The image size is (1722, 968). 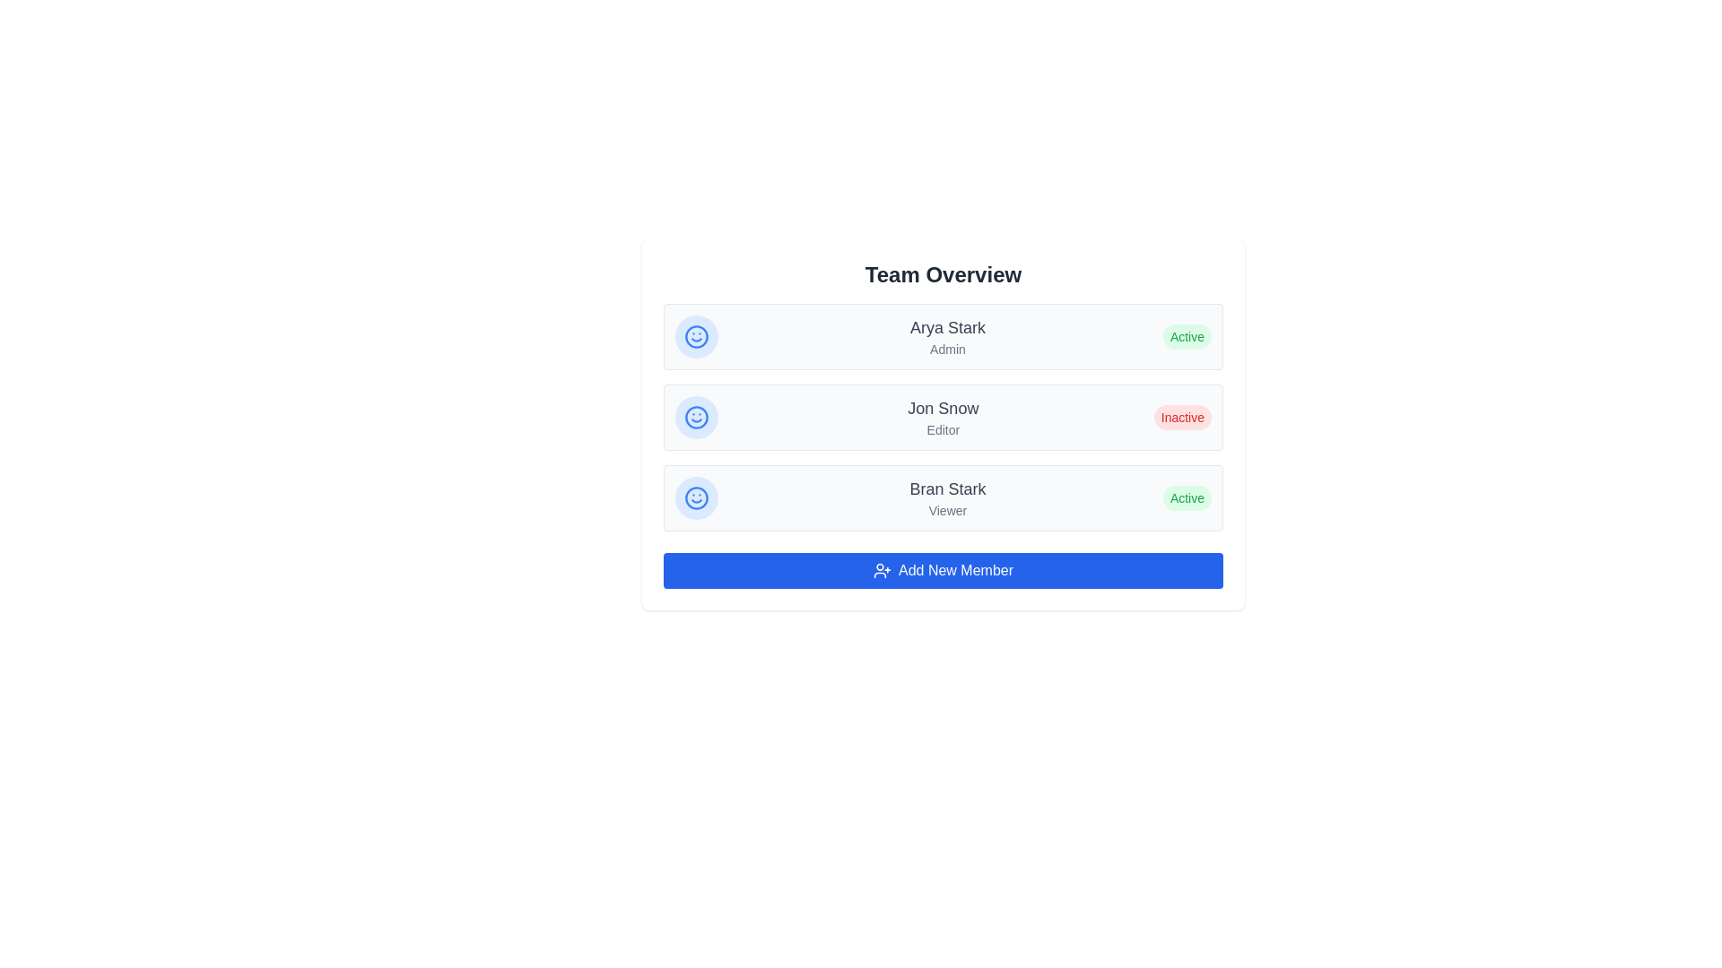 I want to click on the Status indicator label that signifies the active status of team member Arya Stark, positioned to the right of the member's name 'Arya Stark' and role 'Admin', so click(x=1187, y=336).